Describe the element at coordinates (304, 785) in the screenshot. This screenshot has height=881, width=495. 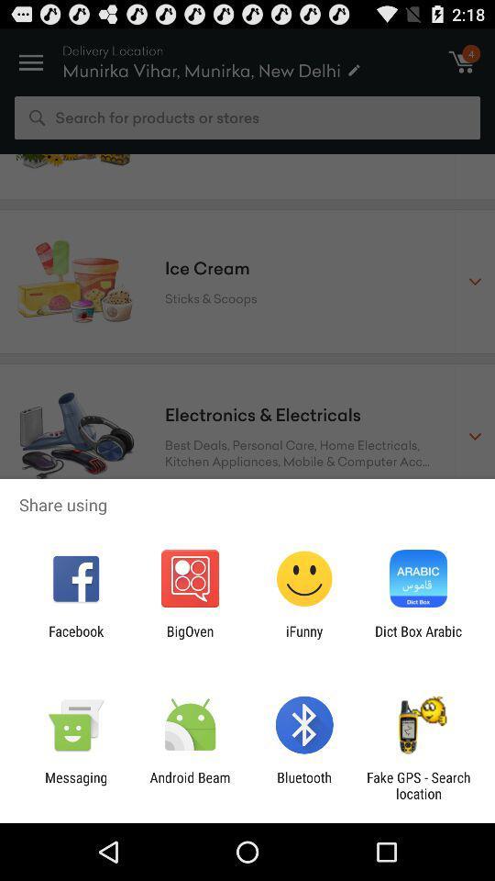
I see `icon next to the fake gps search app` at that location.